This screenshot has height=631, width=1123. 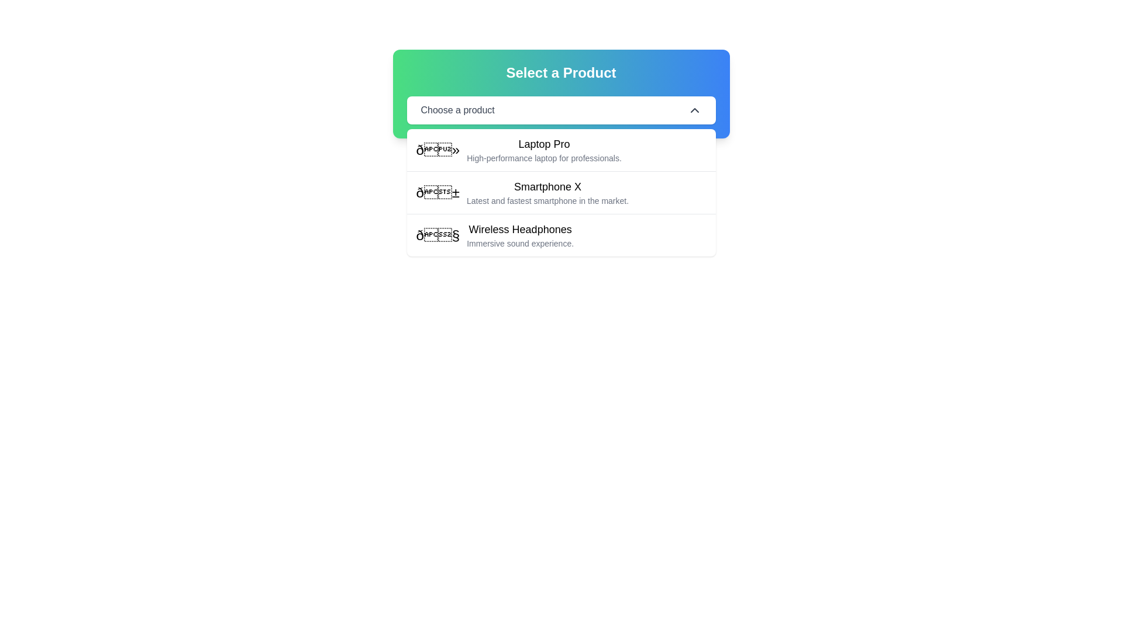 I want to click on text of the main title label for the product 'Laptop Pro', which is centrally positioned under the 'Select a Product' dropdown menu and is the first item in the list, so click(x=543, y=143).